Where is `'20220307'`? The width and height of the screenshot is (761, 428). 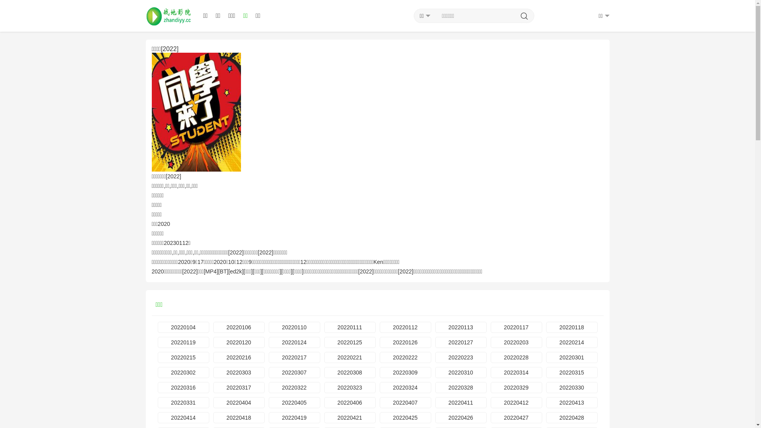
'20220307' is located at coordinates (294, 373).